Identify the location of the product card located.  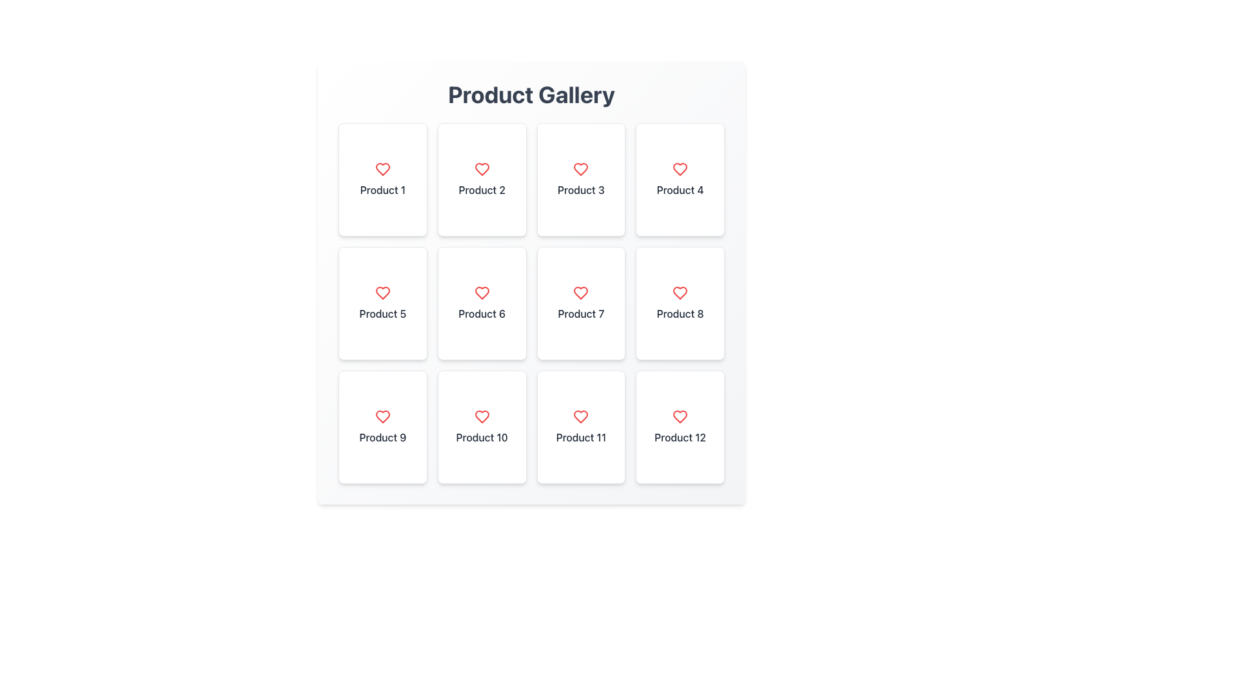
(382, 179).